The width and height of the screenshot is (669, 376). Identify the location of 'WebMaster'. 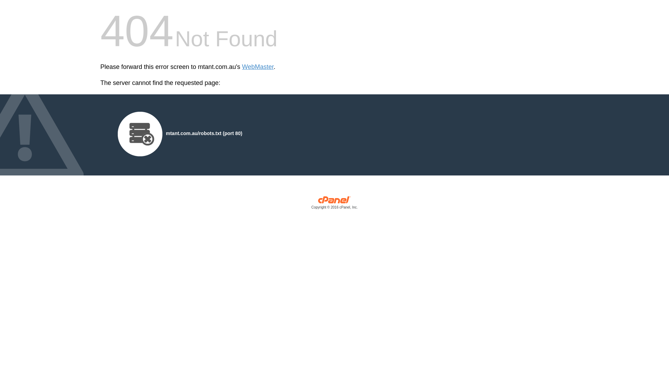
(257, 67).